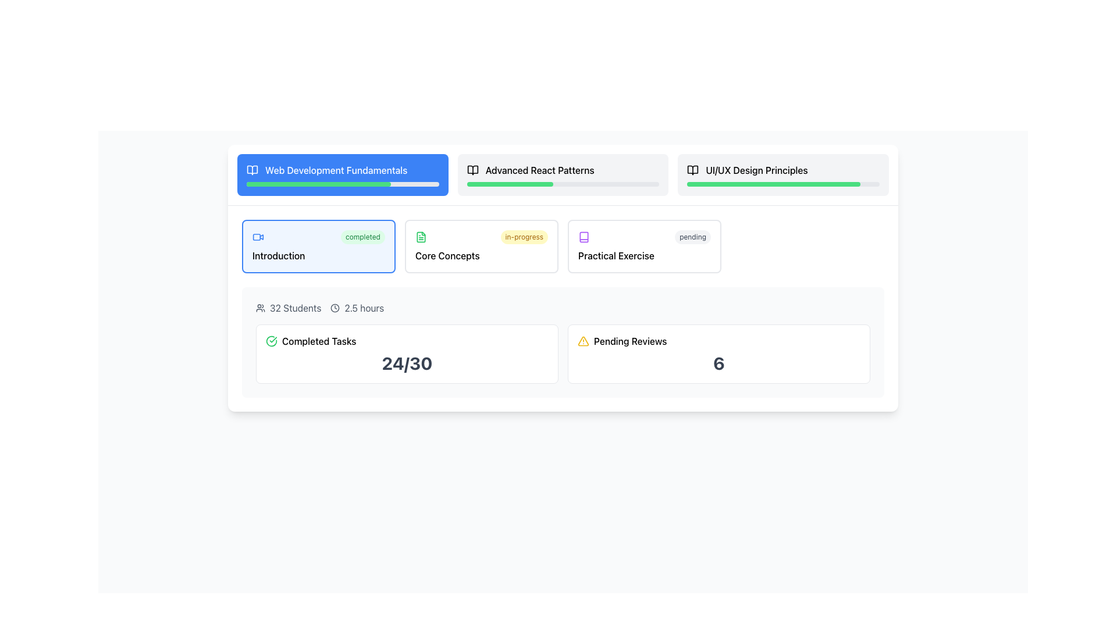 This screenshot has width=1117, height=628. What do you see at coordinates (342, 183) in the screenshot?
I see `the progress bar located beneath the title 'Web Development Fundamentals'` at bounding box center [342, 183].